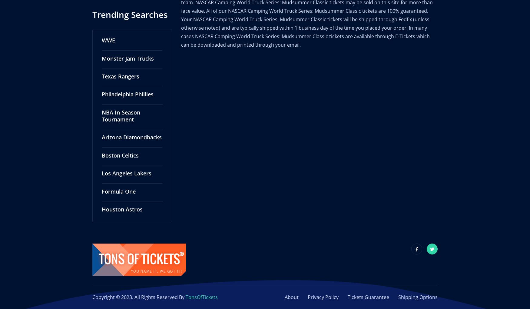 Image resolution: width=530 pixels, height=309 pixels. What do you see at coordinates (127, 51) in the screenshot?
I see `'Monster Jam Trucks'` at bounding box center [127, 51].